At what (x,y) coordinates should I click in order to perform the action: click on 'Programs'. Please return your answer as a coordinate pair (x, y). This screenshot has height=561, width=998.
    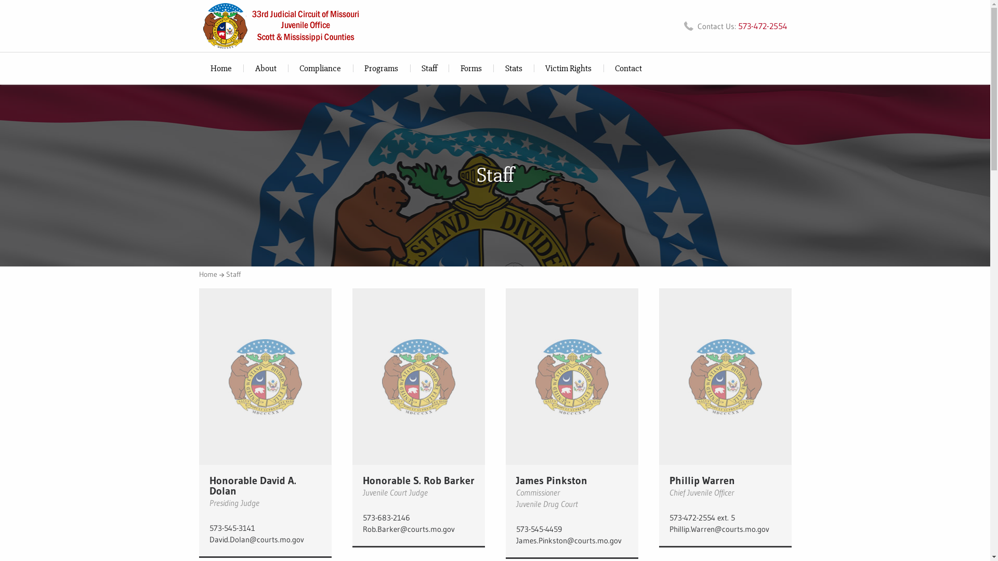
    Looking at the image, I should click on (381, 68).